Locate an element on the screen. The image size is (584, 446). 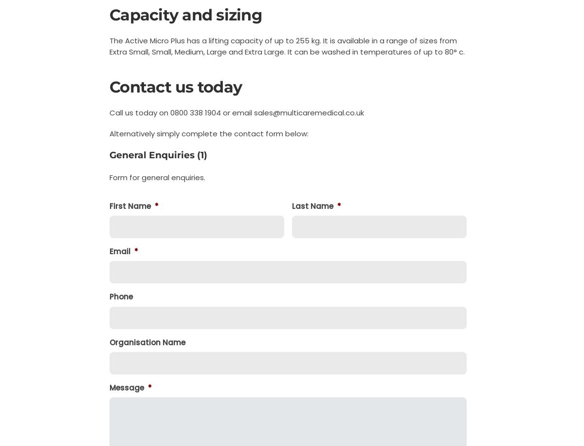
'Organisation Name' is located at coordinates (147, 342).